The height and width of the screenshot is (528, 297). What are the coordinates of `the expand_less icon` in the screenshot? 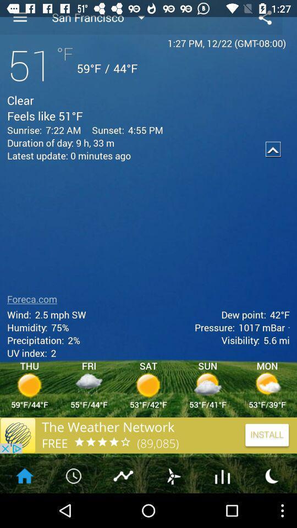 It's located at (273, 159).